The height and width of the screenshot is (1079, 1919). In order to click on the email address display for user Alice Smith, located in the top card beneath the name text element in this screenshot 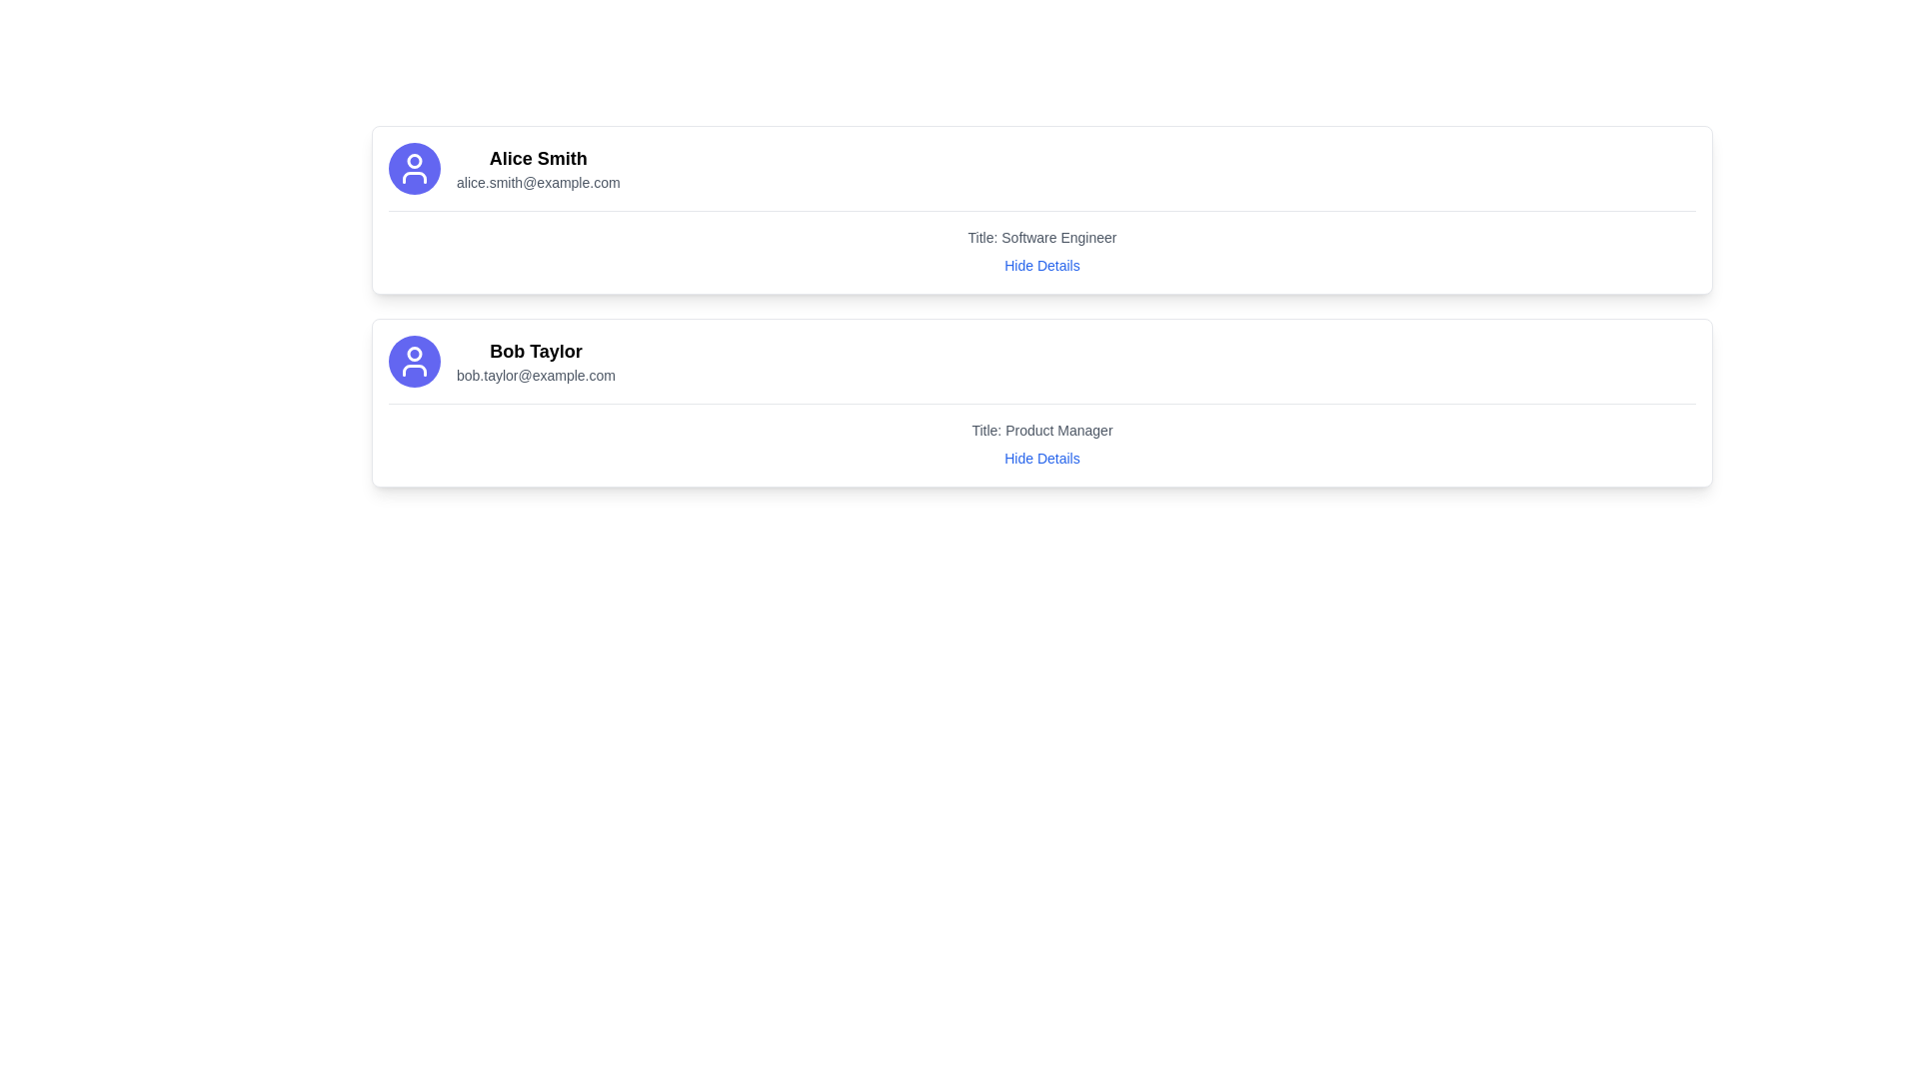, I will do `click(538, 182)`.